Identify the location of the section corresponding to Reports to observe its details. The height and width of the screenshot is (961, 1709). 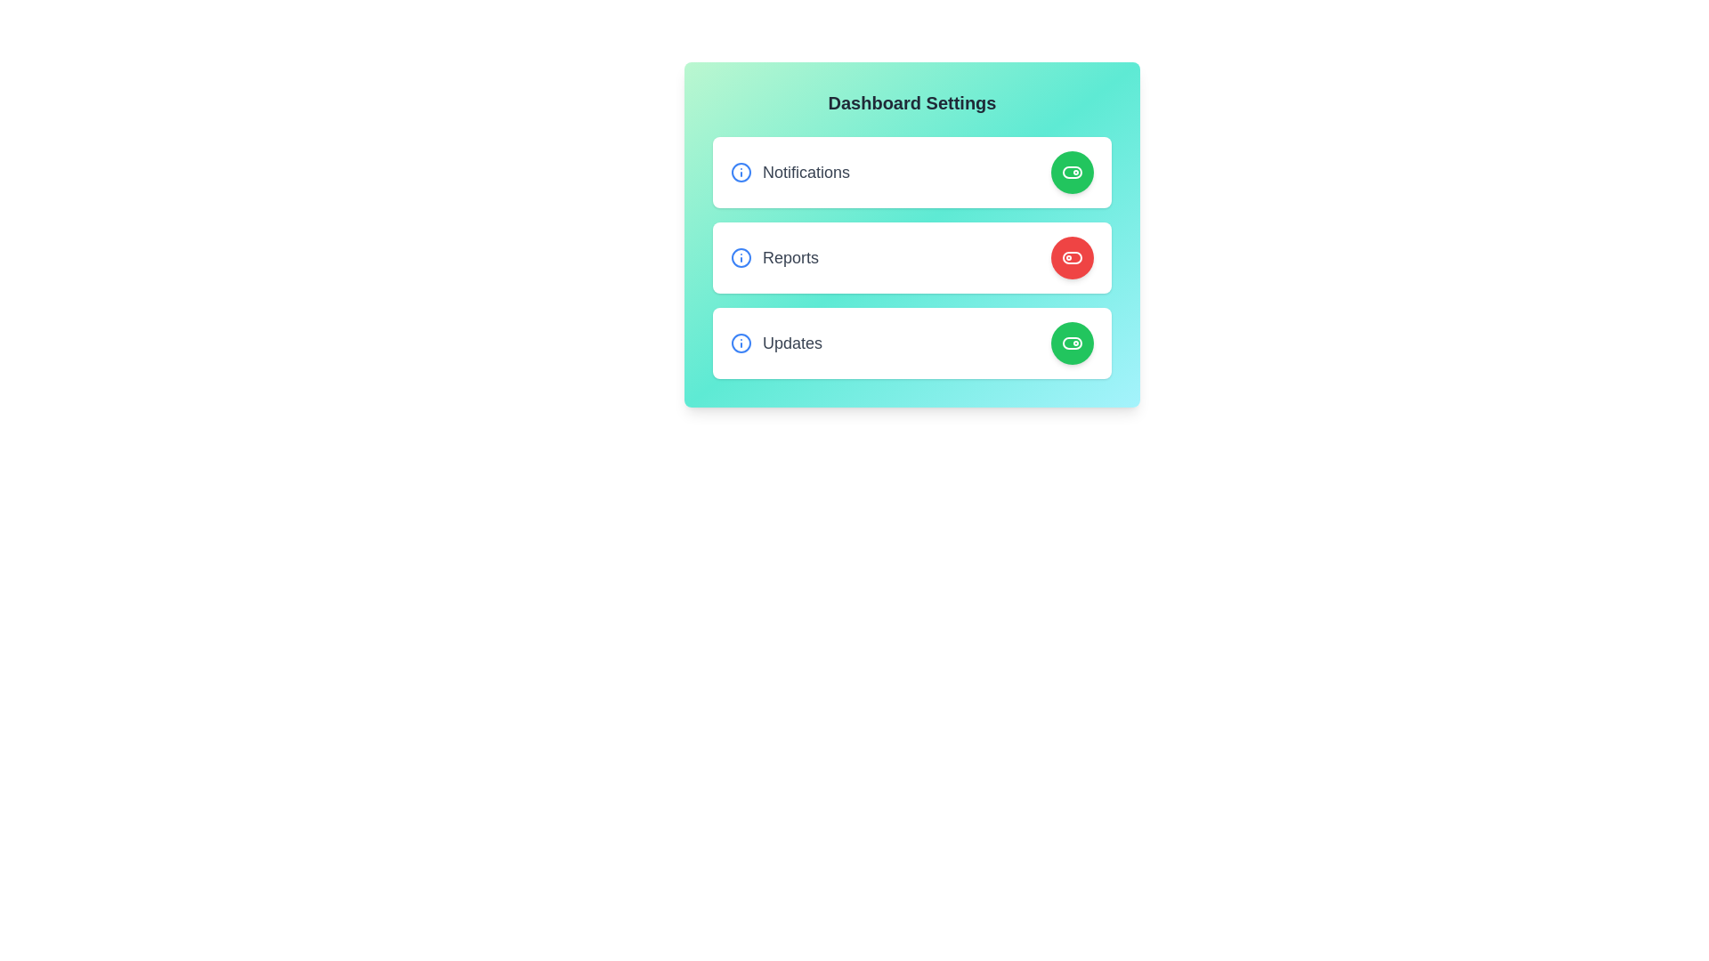
(912, 257).